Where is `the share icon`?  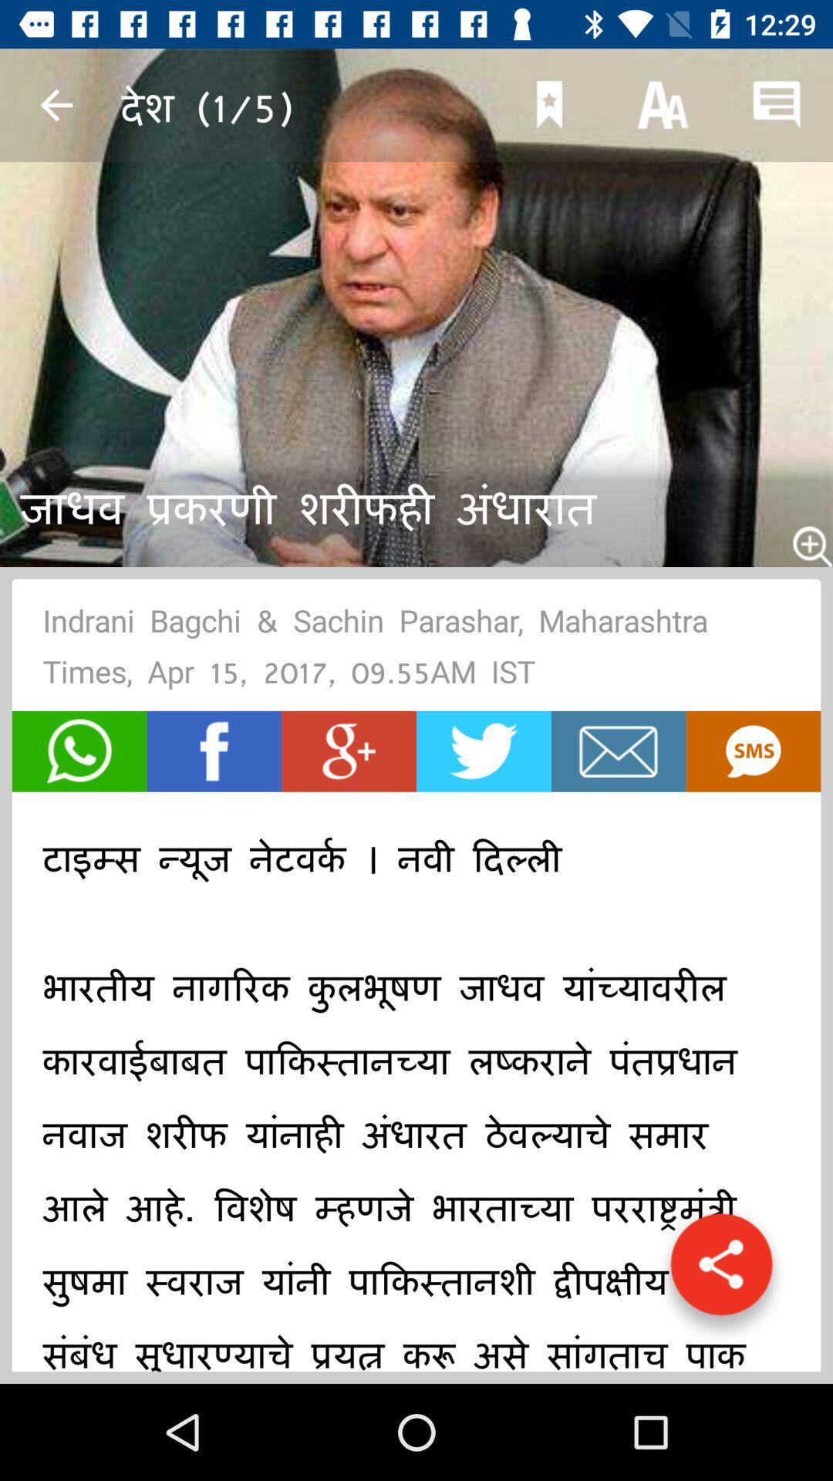
the share icon is located at coordinates (721, 1272).